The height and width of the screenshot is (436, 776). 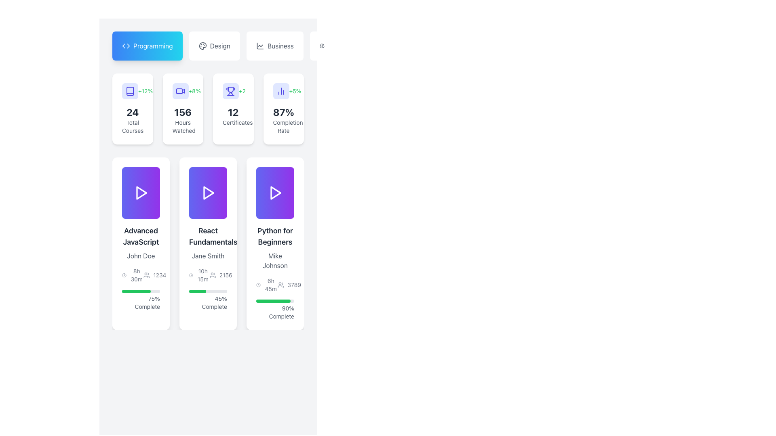 I want to click on the duration of the course displayed in the text label with icon located below the title 'Python for Beginners' and instructor name 'Mike Johnson' on the third course card, so click(x=267, y=284).